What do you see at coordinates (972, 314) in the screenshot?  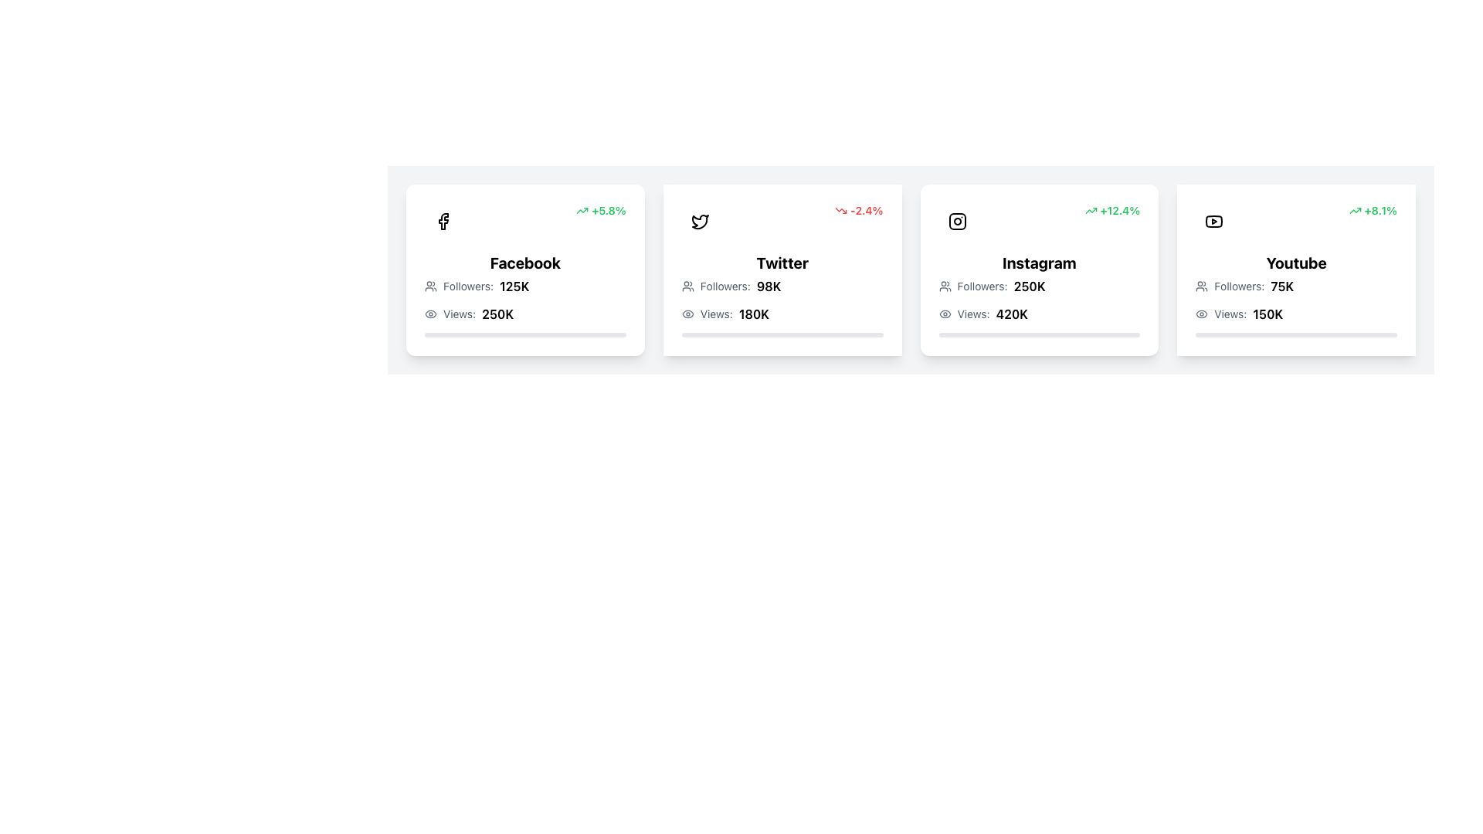 I see `the text label displaying 'Views:', which is styled in gray and positioned next to the number '420K' on the Instagram card` at bounding box center [972, 314].